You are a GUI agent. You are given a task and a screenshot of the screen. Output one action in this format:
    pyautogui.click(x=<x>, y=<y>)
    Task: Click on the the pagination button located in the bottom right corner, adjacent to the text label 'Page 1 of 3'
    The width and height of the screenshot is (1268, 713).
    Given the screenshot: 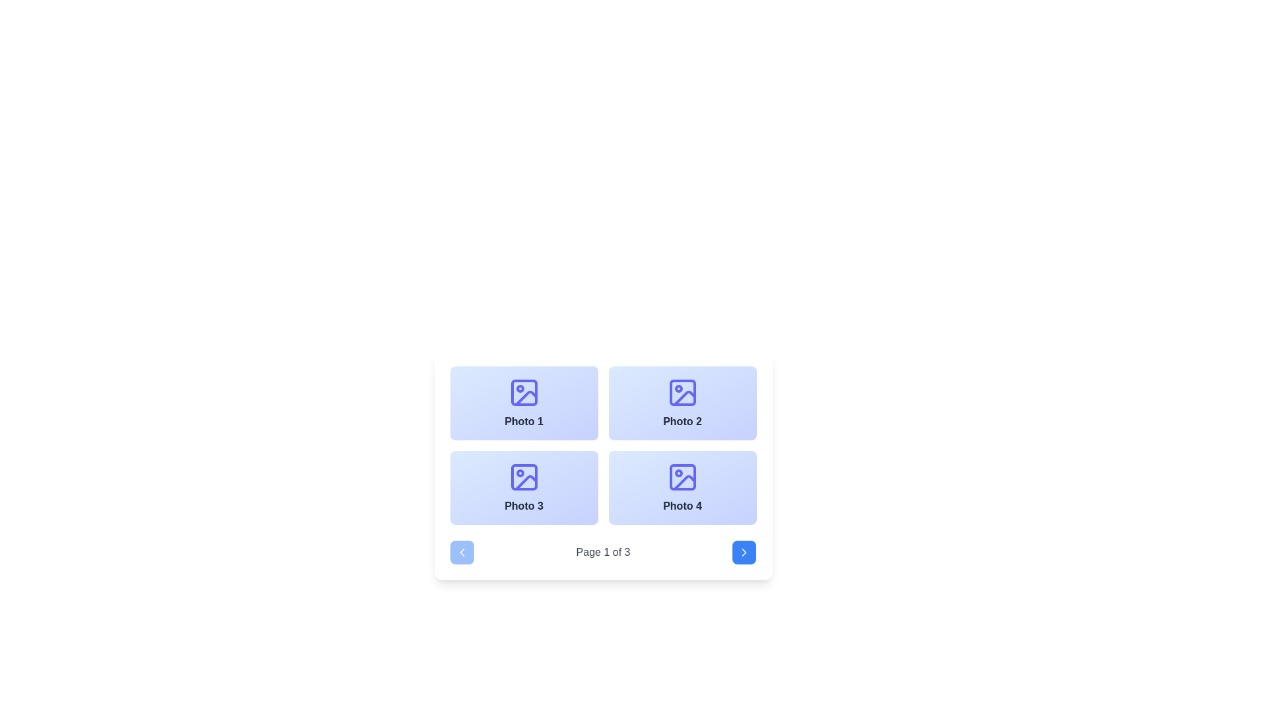 What is the action you would take?
    pyautogui.click(x=744, y=553)
    